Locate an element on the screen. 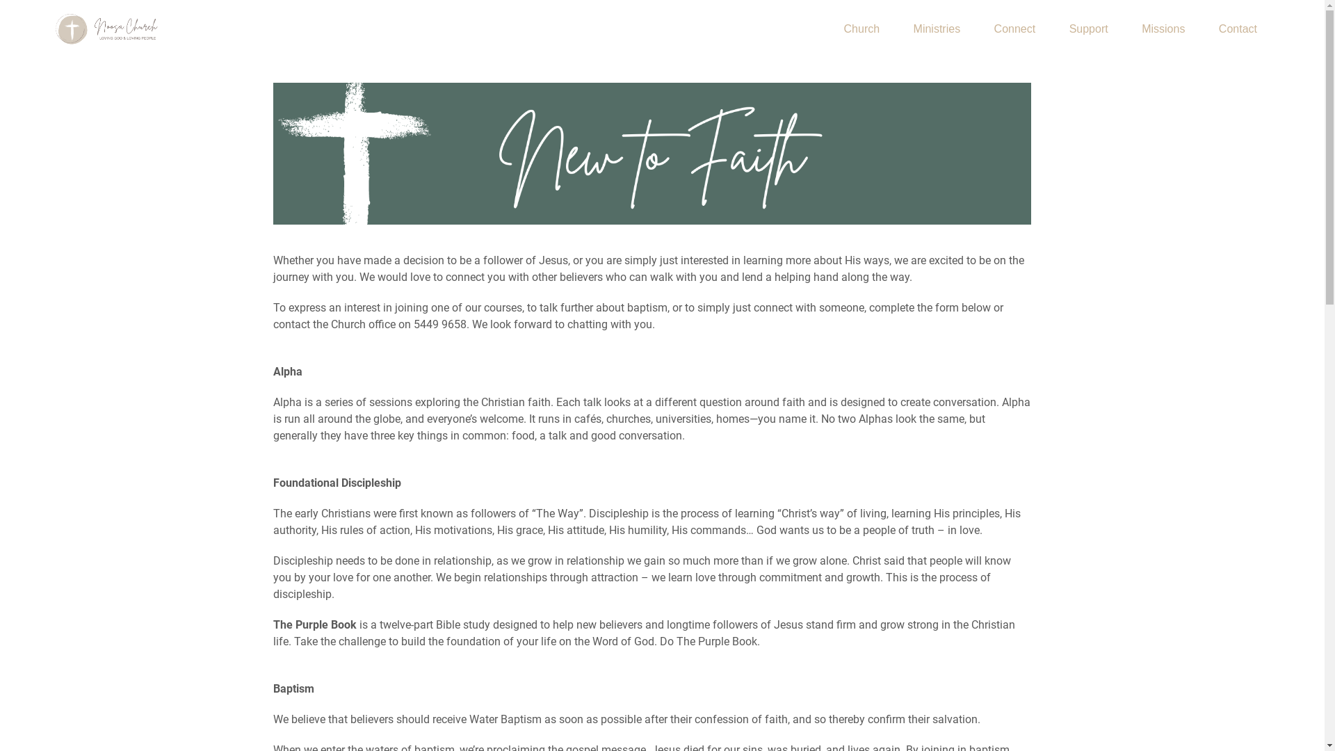 This screenshot has width=1335, height=751. 'Connect' is located at coordinates (978, 29).